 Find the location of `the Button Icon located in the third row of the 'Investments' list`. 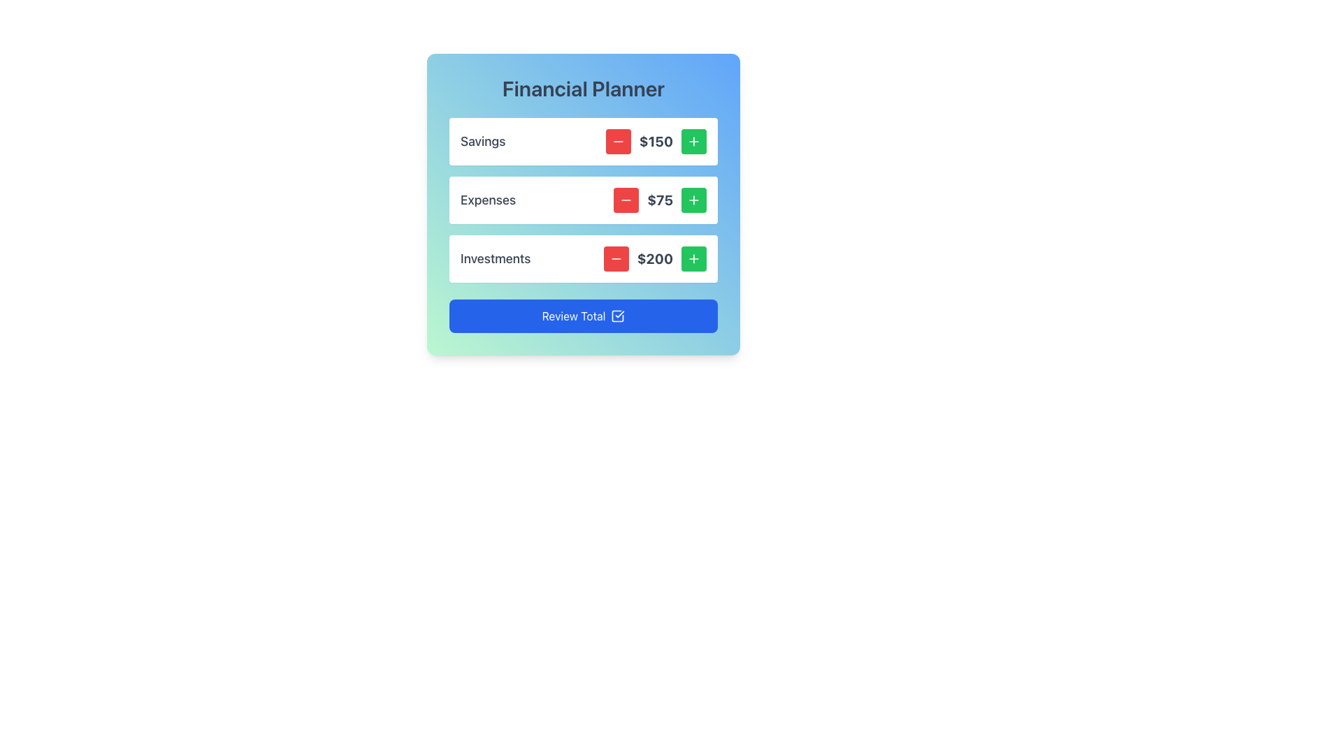

the Button Icon located in the third row of the 'Investments' list is located at coordinates (615, 258).